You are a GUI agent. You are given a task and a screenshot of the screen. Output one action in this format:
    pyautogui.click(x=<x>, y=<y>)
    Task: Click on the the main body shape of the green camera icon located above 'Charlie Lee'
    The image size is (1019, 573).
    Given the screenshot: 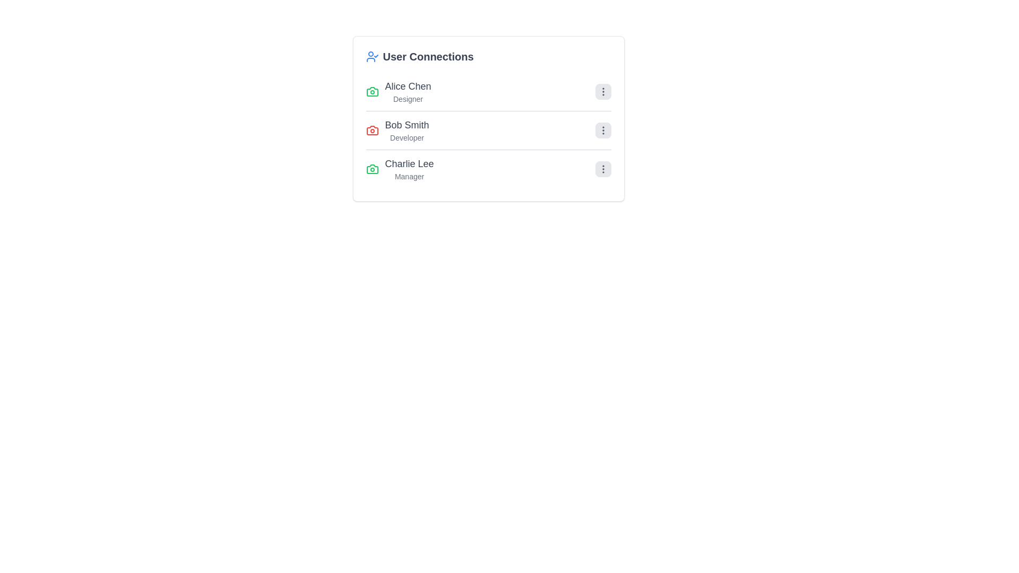 What is the action you would take?
    pyautogui.click(x=372, y=91)
    